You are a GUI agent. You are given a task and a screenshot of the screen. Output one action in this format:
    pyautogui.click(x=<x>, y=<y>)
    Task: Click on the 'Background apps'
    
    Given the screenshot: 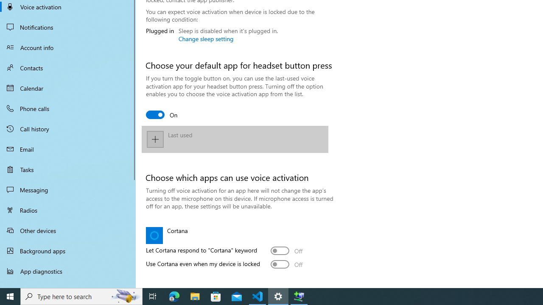 What is the action you would take?
    pyautogui.click(x=68, y=250)
    